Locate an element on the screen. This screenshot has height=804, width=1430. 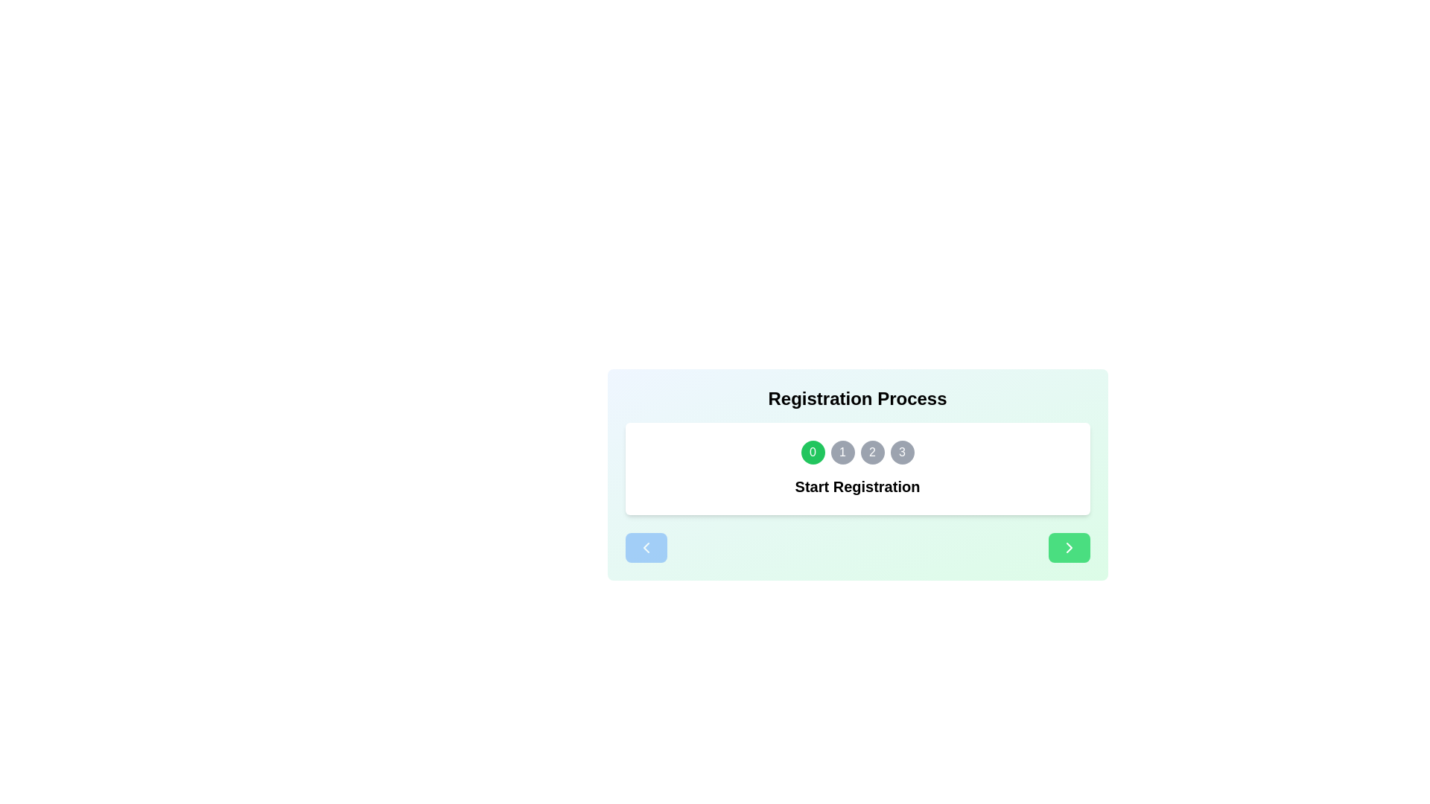
the left navigation button is located at coordinates (646, 548).